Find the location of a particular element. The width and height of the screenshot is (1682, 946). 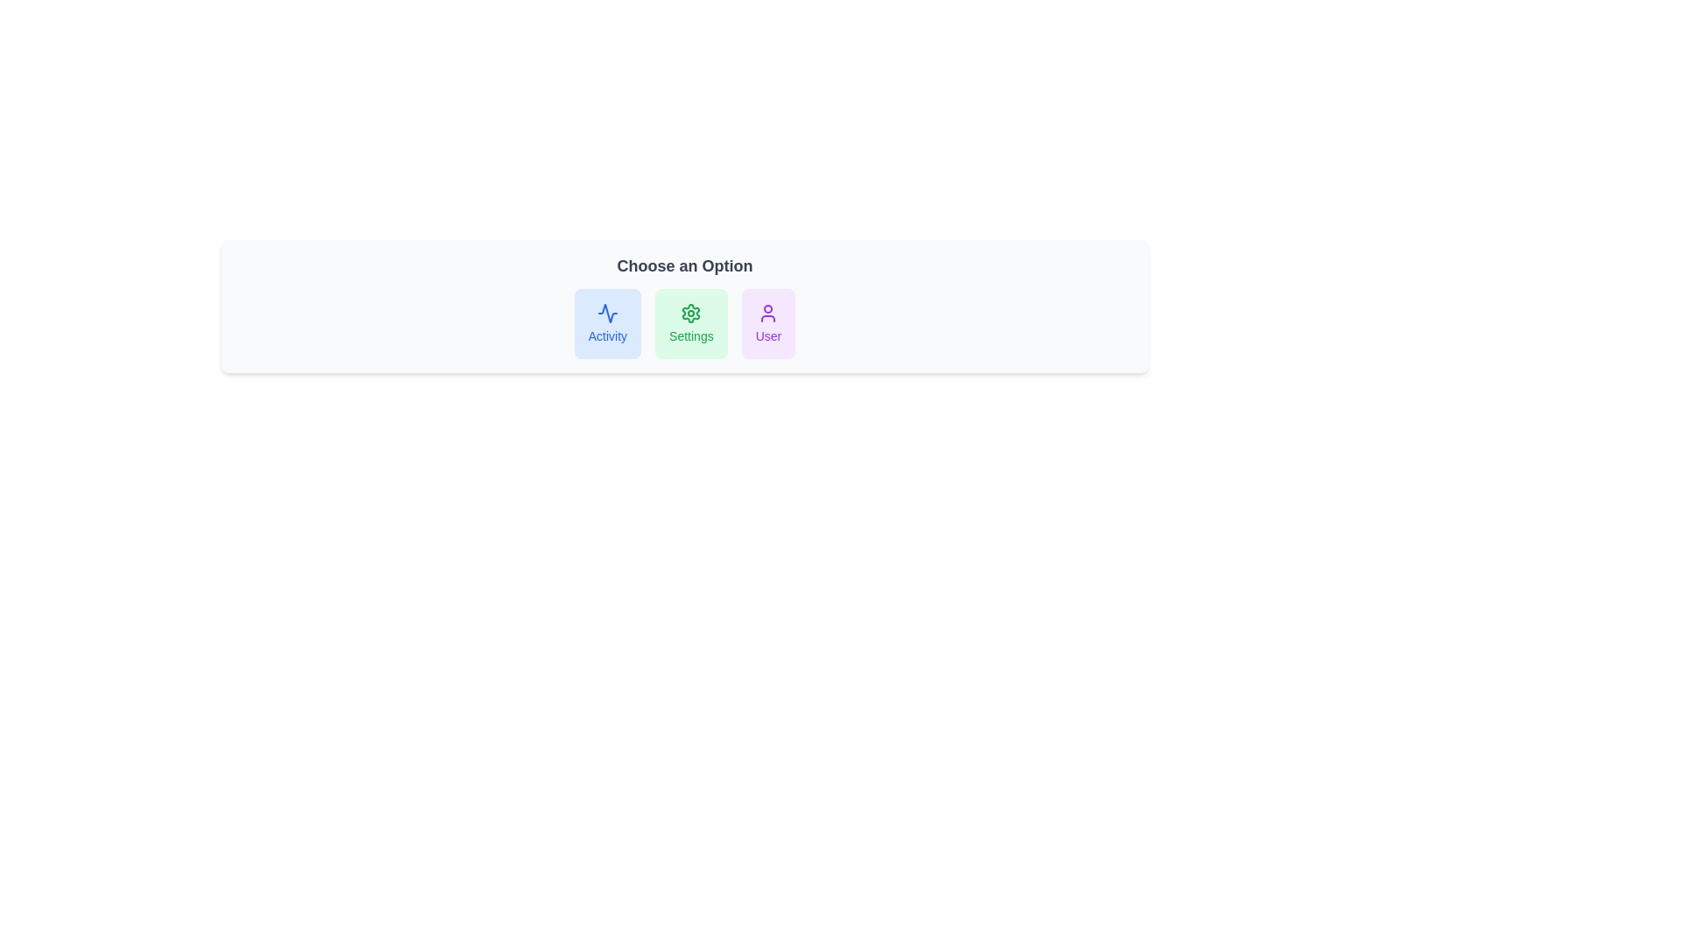

the 'Settings' button, which is the second option below the 'Choose an Option' heading is located at coordinates (684, 324).